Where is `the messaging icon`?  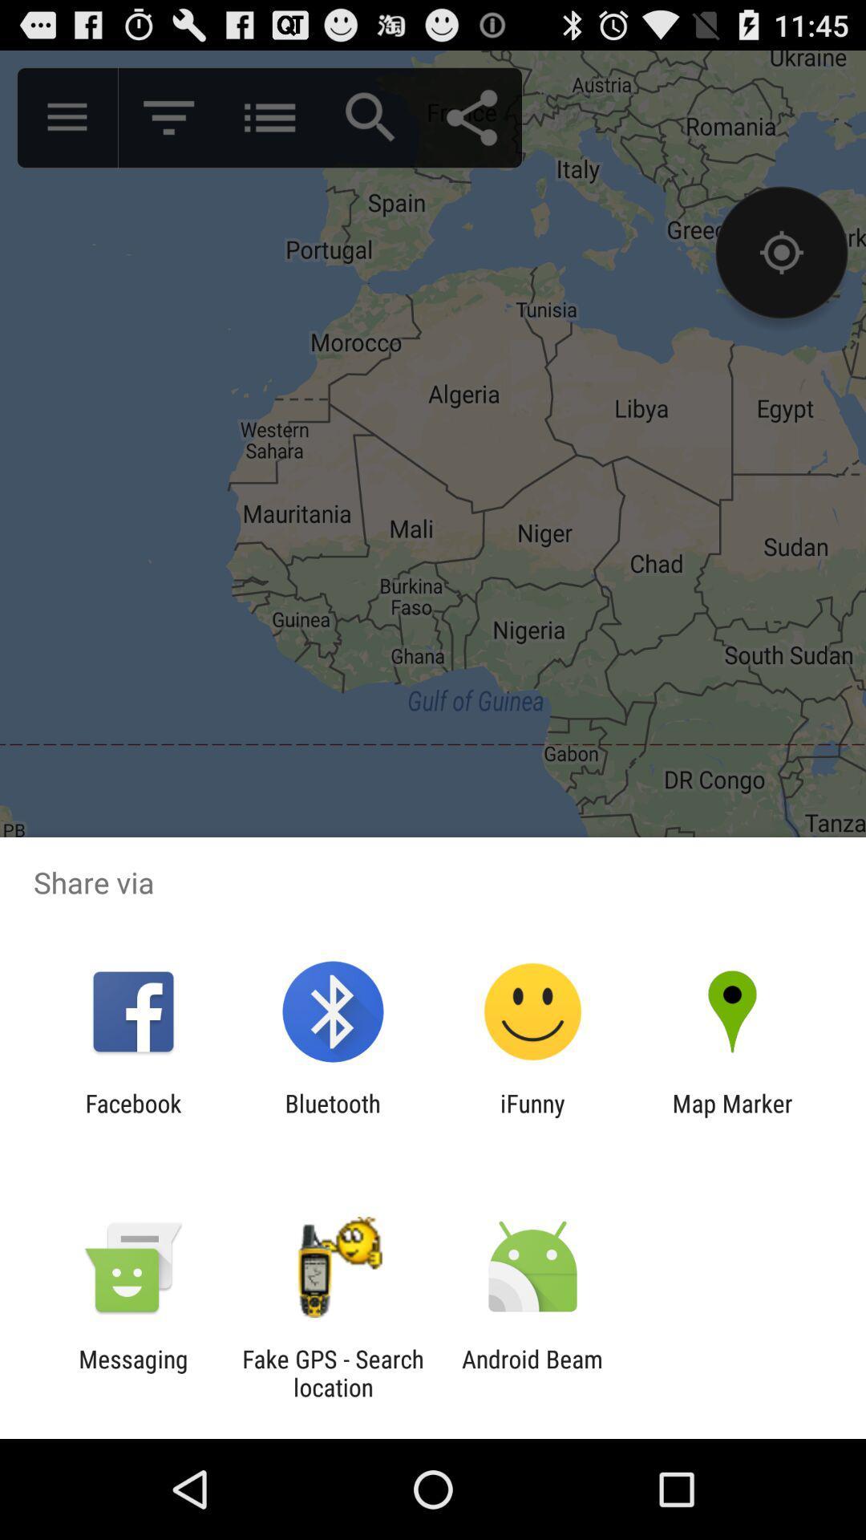
the messaging icon is located at coordinates (132, 1372).